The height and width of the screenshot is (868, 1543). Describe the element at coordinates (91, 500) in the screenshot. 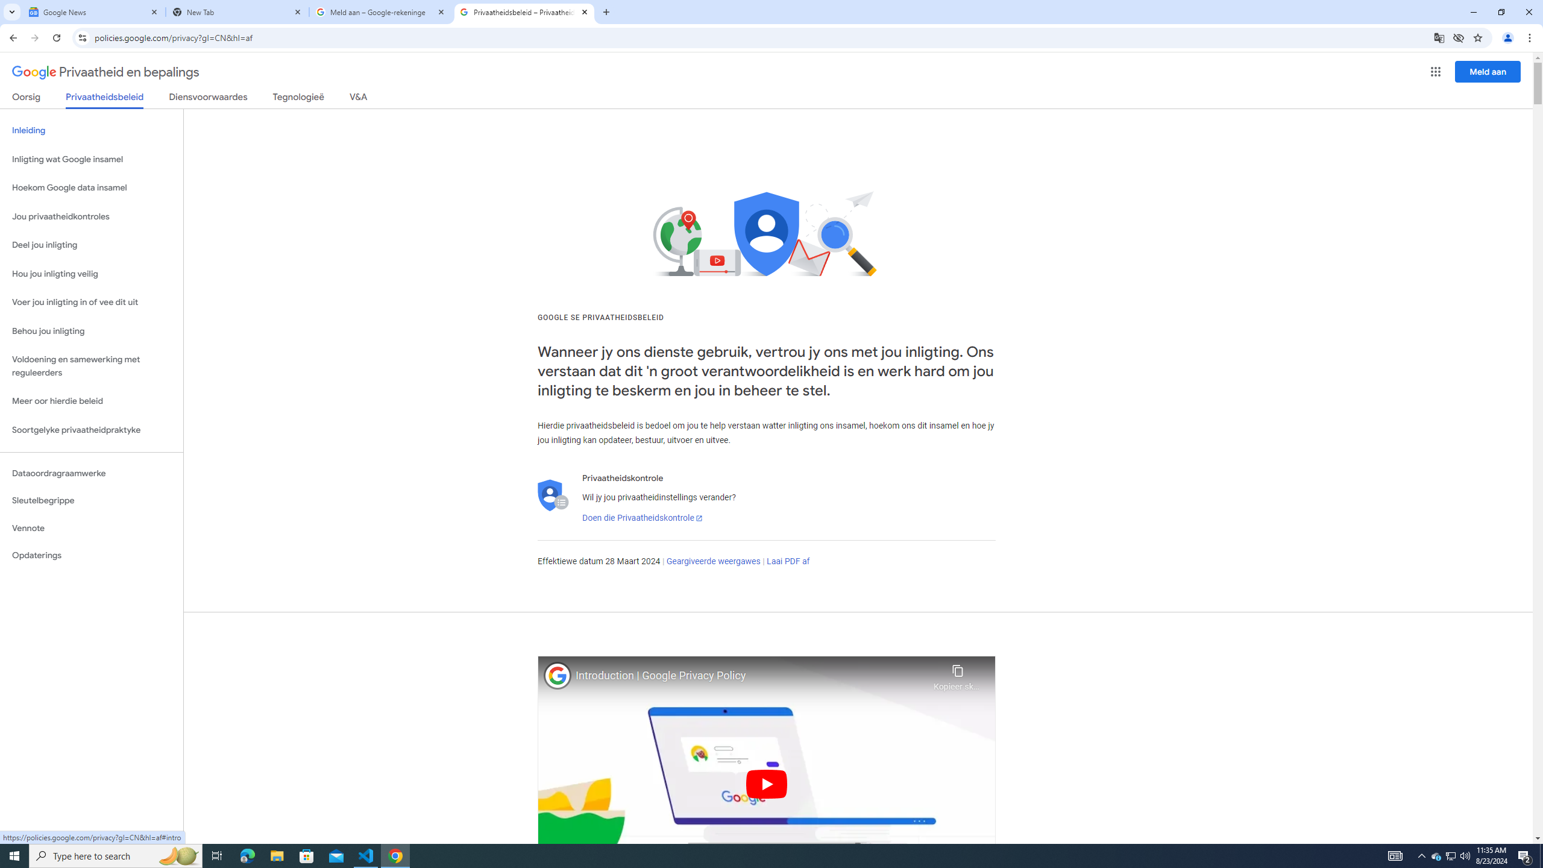

I see `'Sleutelbegrippe'` at that location.